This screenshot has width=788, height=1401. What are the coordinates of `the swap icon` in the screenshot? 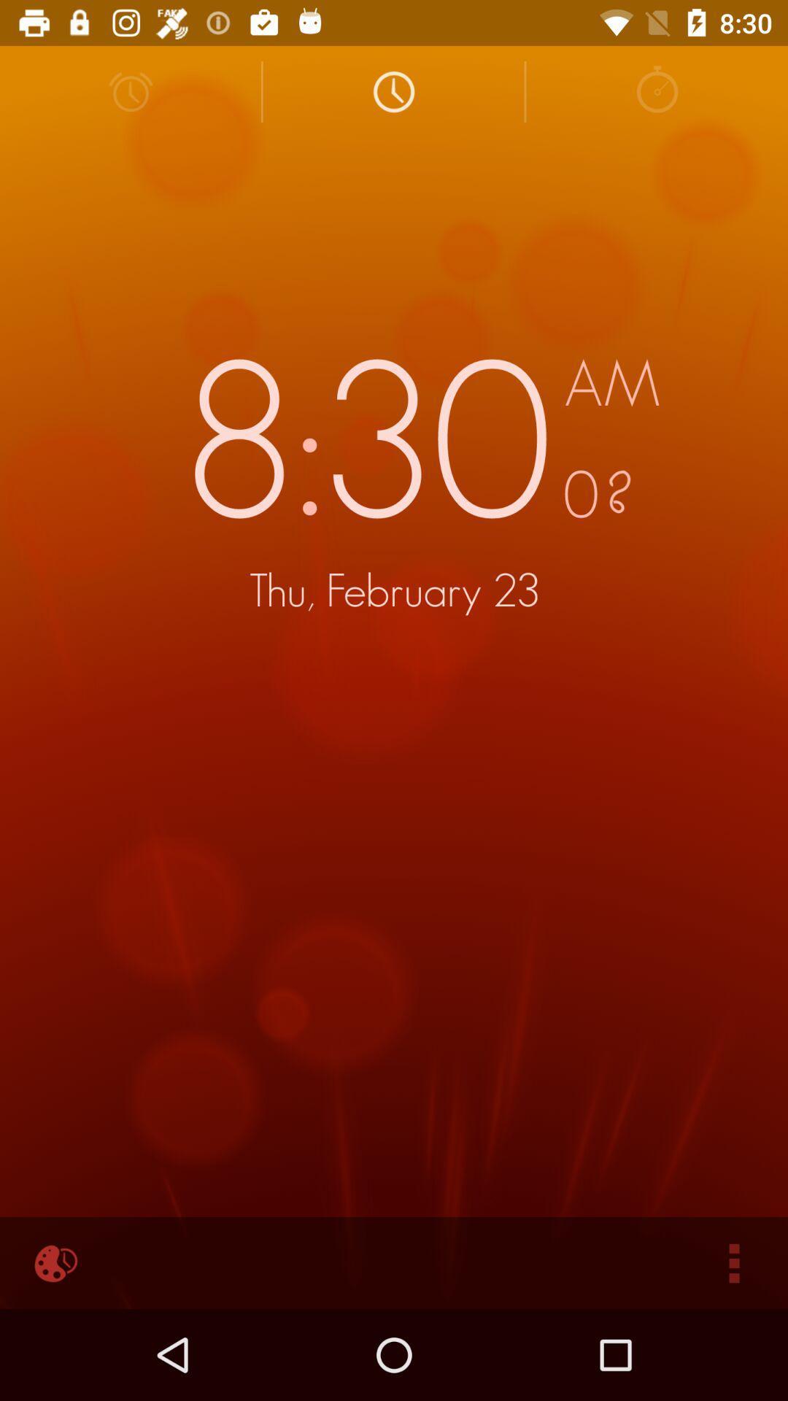 It's located at (393, 90).